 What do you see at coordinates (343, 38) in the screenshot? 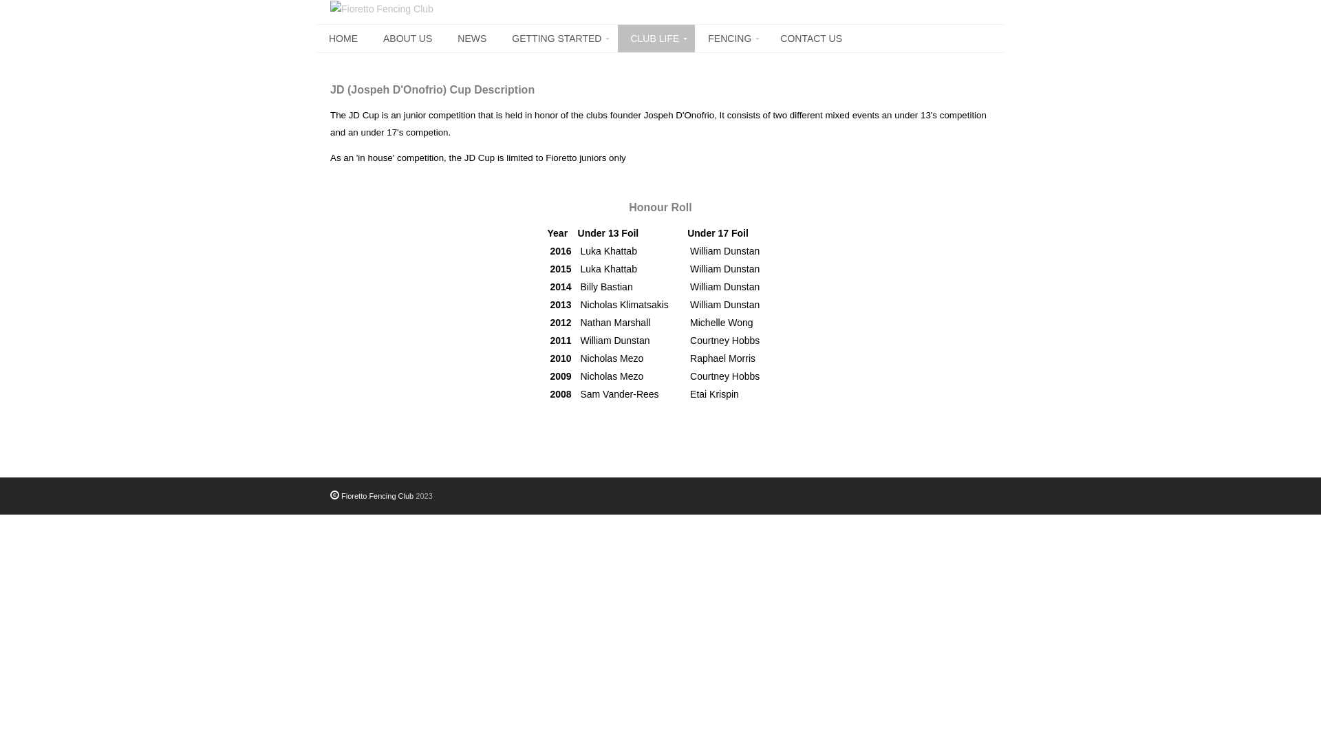
I see `'HOME'` at bounding box center [343, 38].